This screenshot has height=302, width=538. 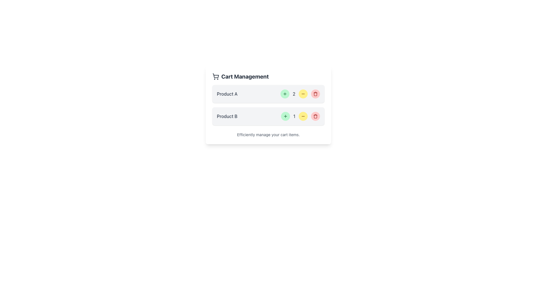 I want to click on heading label located at the top left corner of the card section that provides context for managing items in the shopping cart, so click(x=268, y=76).